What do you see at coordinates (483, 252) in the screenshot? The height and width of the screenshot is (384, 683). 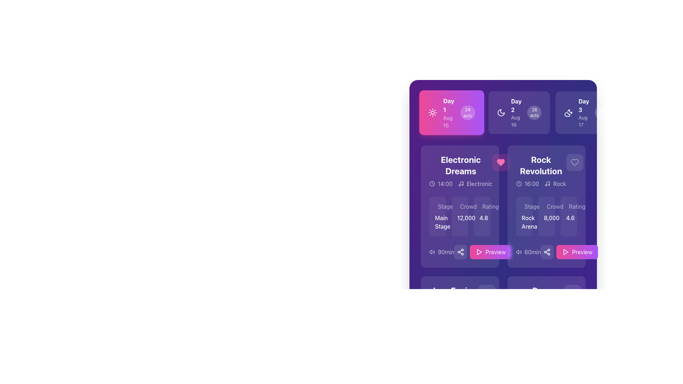 I see `the button in the bottom right quadrant of the 'Electronic Dreams' card` at bounding box center [483, 252].